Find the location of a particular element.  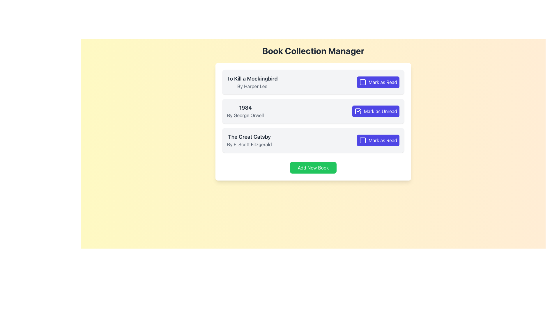

the button that marks 'To Kill a Mockingbird by Harper Lee' as read is located at coordinates (378, 82).